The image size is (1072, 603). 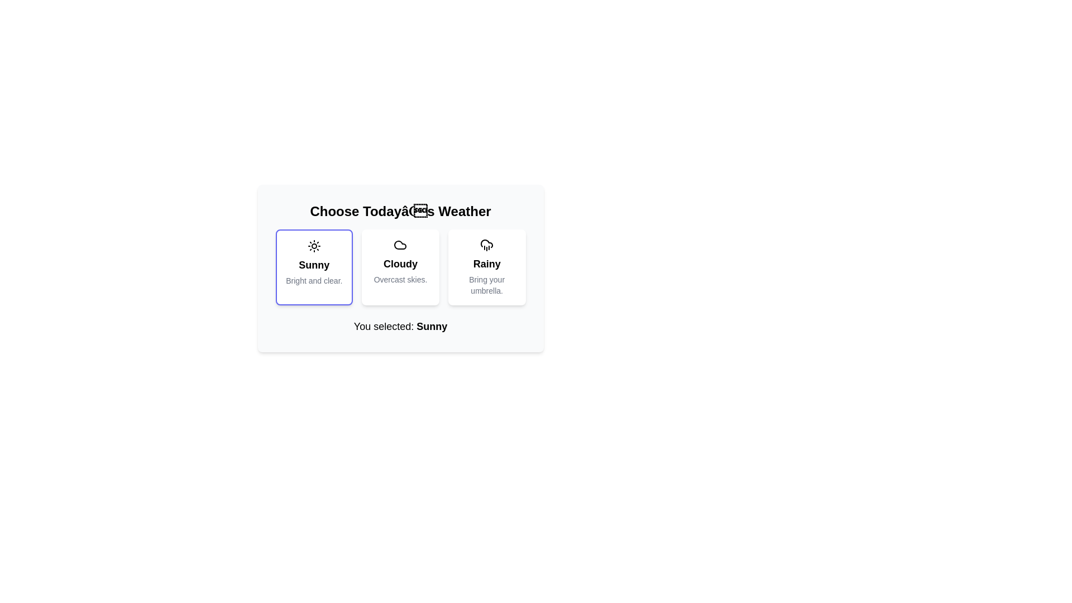 I want to click on text content of the label that says 'Bring your umbrella.' located at the bottom of the 'Rainy' card, so click(x=487, y=284).